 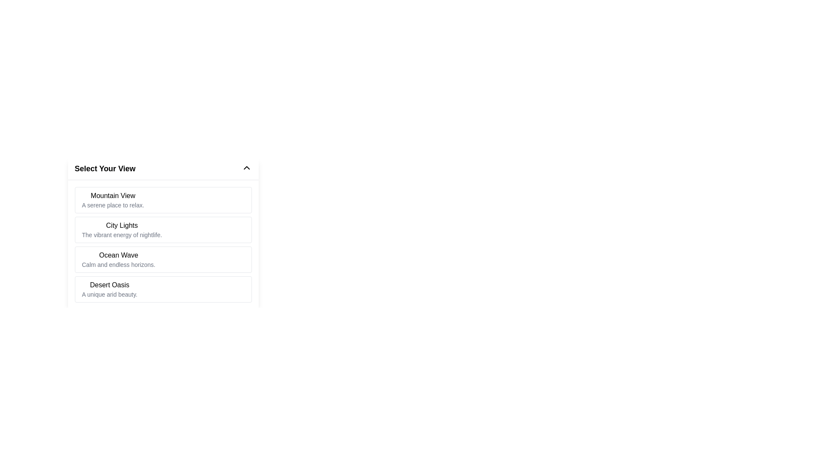 I want to click on the selectable option labeled 'City Lights' in the vertical list, so click(x=121, y=229).